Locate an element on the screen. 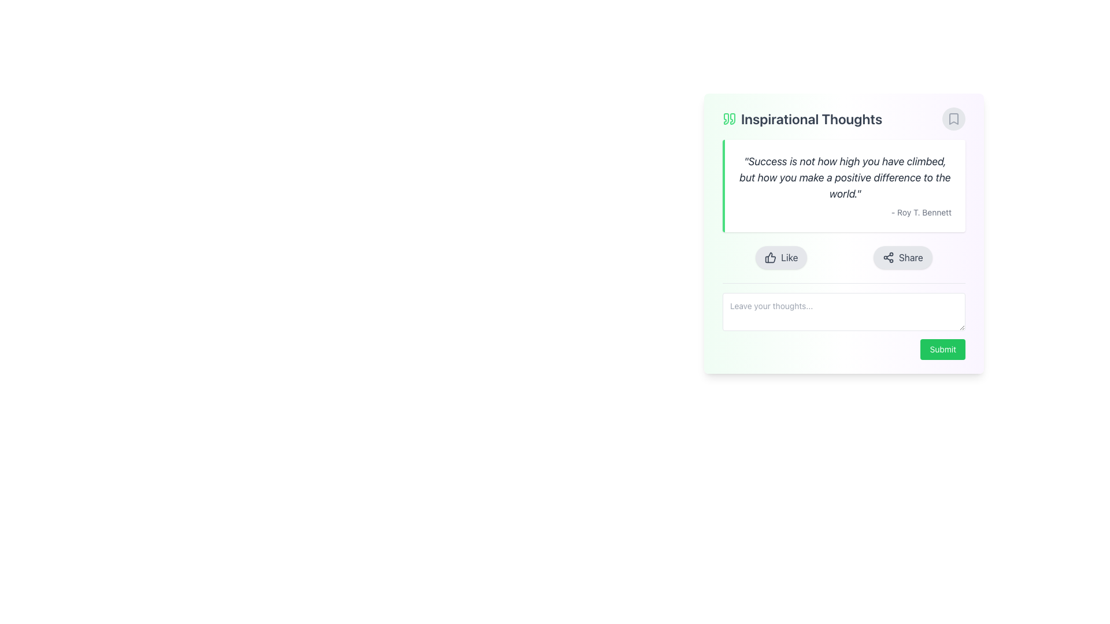  the submit button located at the bottom-right corner of the card-like layout is located at coordinates (943, 349).